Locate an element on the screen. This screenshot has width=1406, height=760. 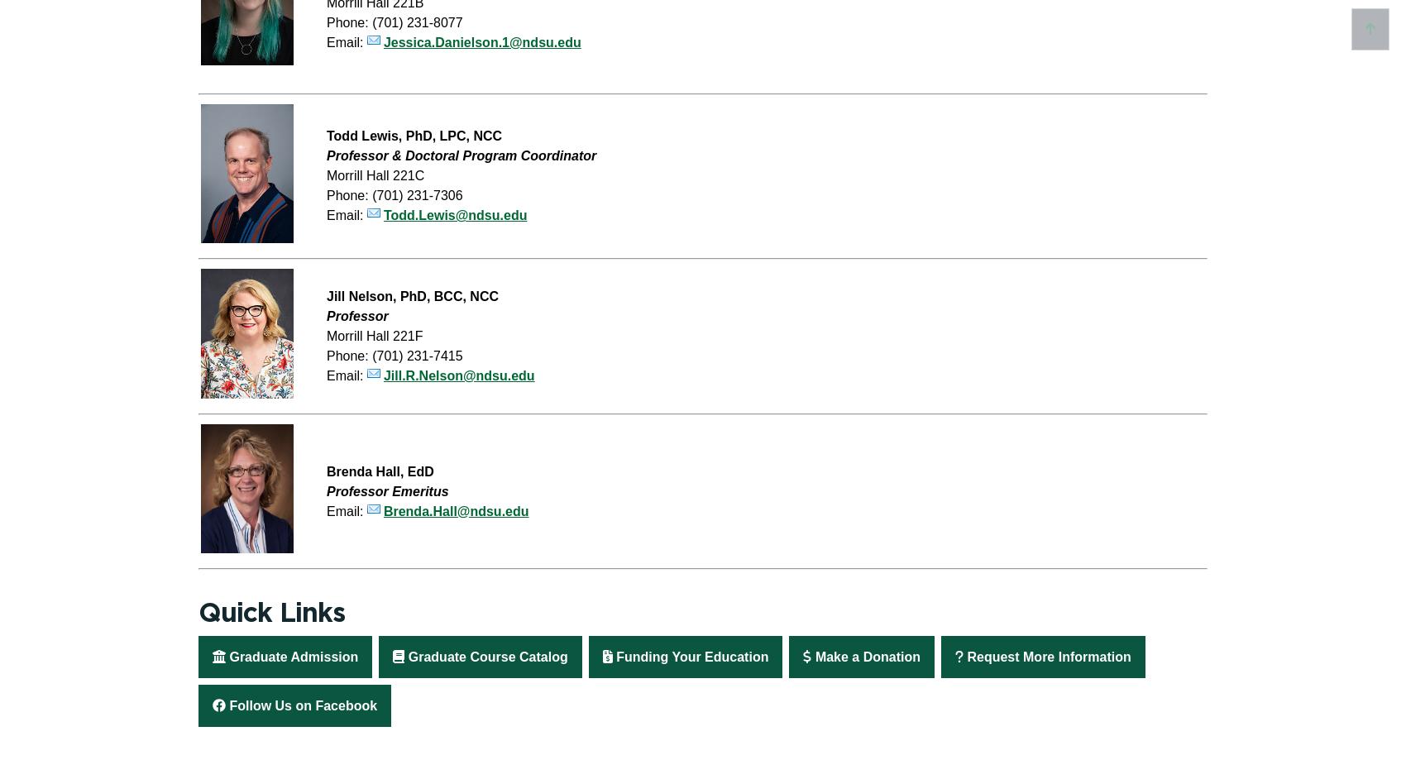
'Jill Nelson, PhD, BCC, NCC' is located at coordinates (412, 295).